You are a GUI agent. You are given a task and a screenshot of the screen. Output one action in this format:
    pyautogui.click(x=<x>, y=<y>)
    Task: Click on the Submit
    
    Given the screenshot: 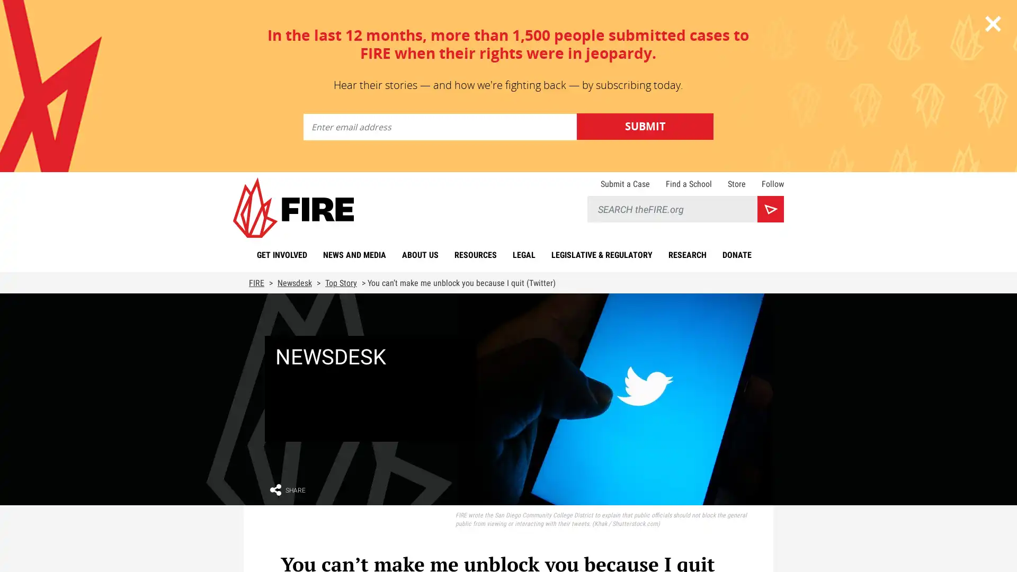 What is the action you would take?
    pyautogui.click(x=645, y=126)
    